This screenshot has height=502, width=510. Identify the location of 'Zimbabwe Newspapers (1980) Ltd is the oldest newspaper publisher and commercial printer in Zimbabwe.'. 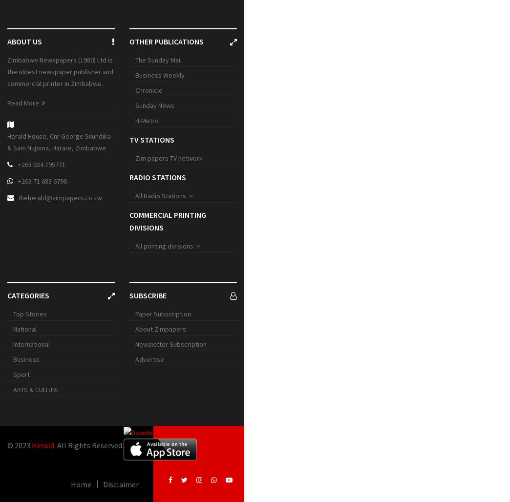
(7, 72).